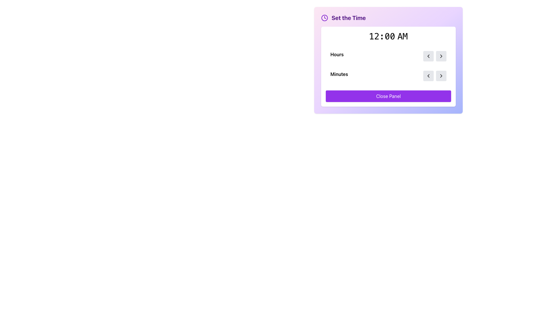 This screenshot has width=557, height=313. What do you see at coordinates (324, 17) in the screenshot?
I see `the circular SVG element representing the clock face in the top-left corner of the 'Set the Time' panel` at bounding box center [324, 17].